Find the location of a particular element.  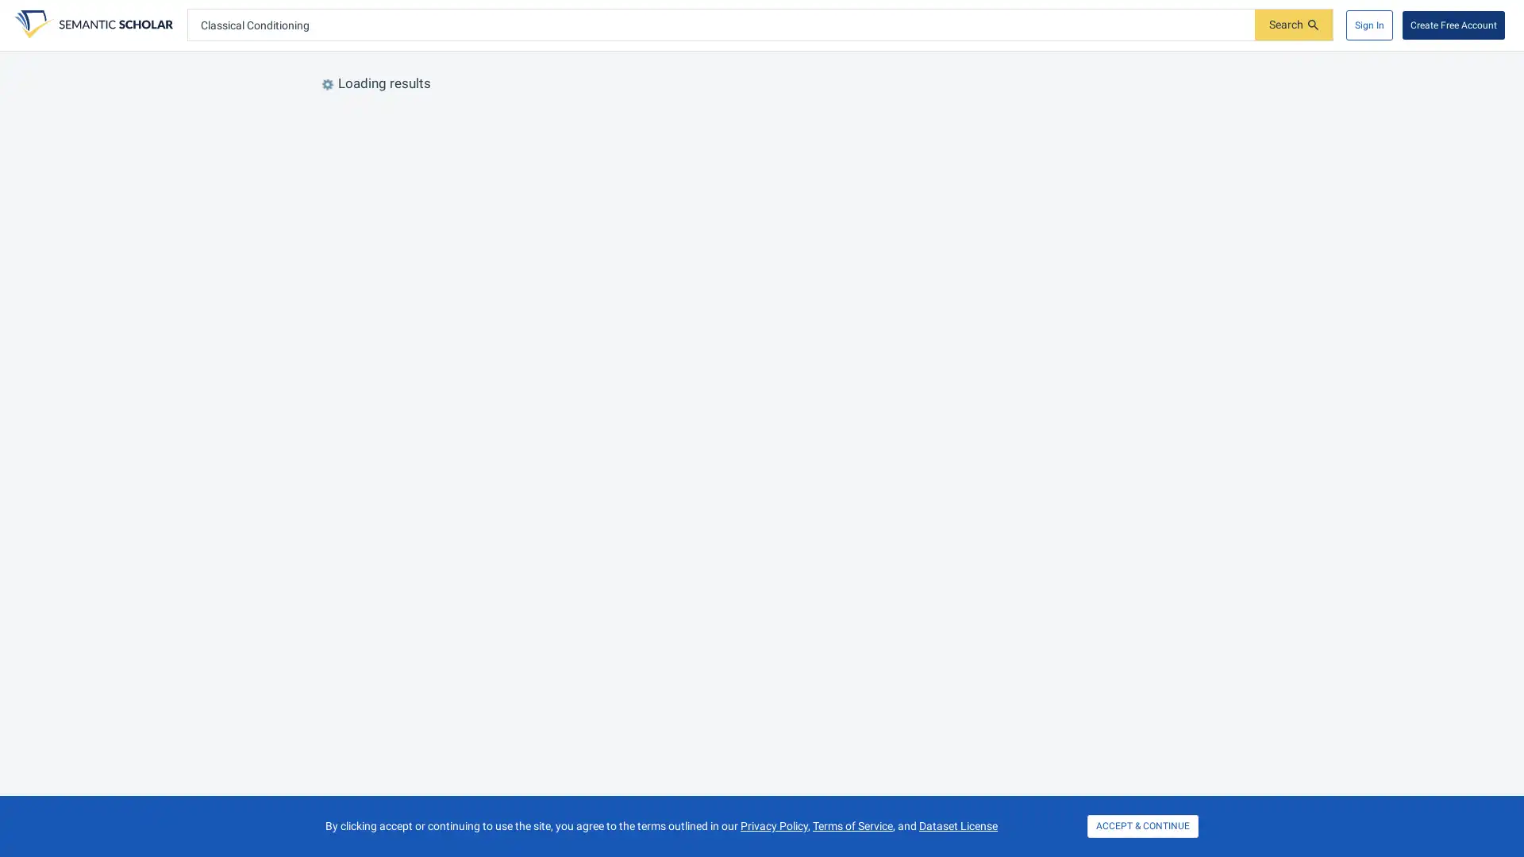

Fields of Study is located at coordinates (368, 125).